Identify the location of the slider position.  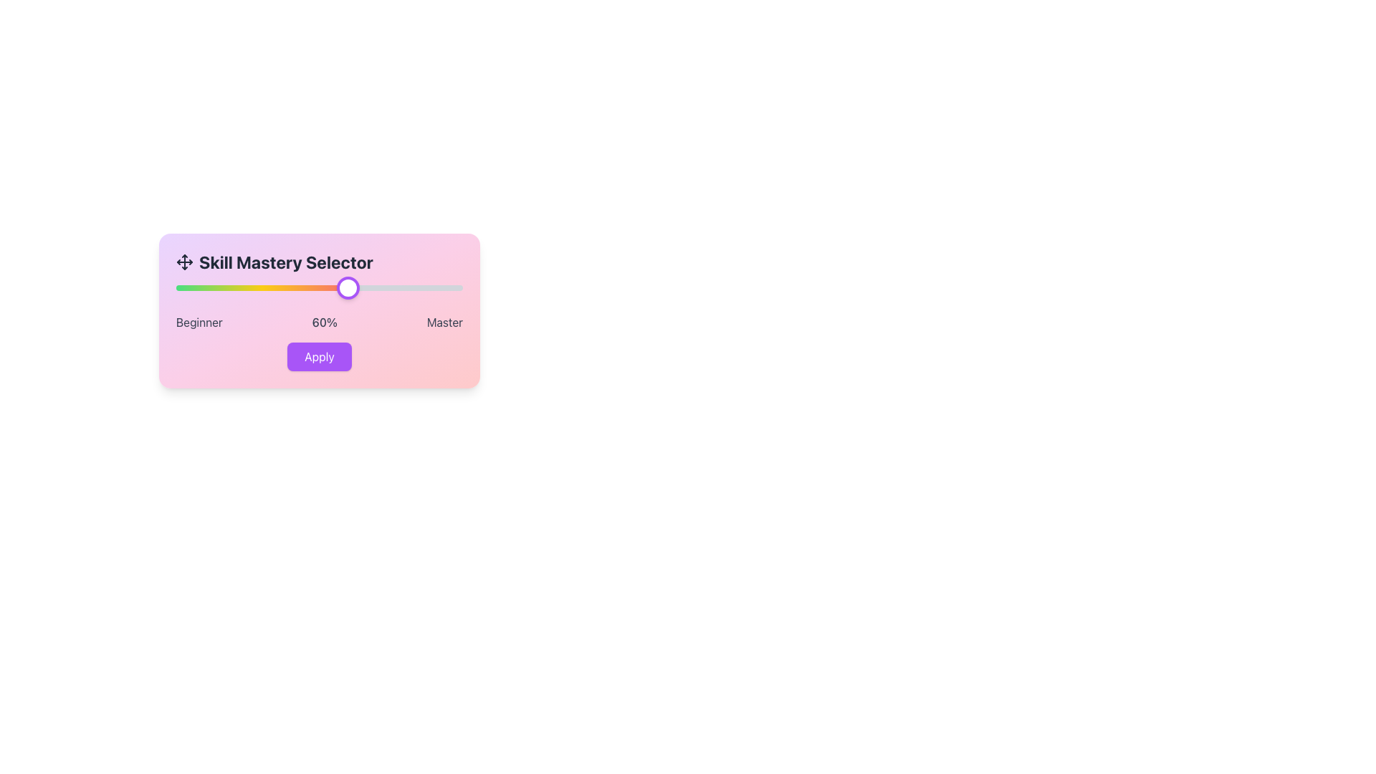
(276, 287).